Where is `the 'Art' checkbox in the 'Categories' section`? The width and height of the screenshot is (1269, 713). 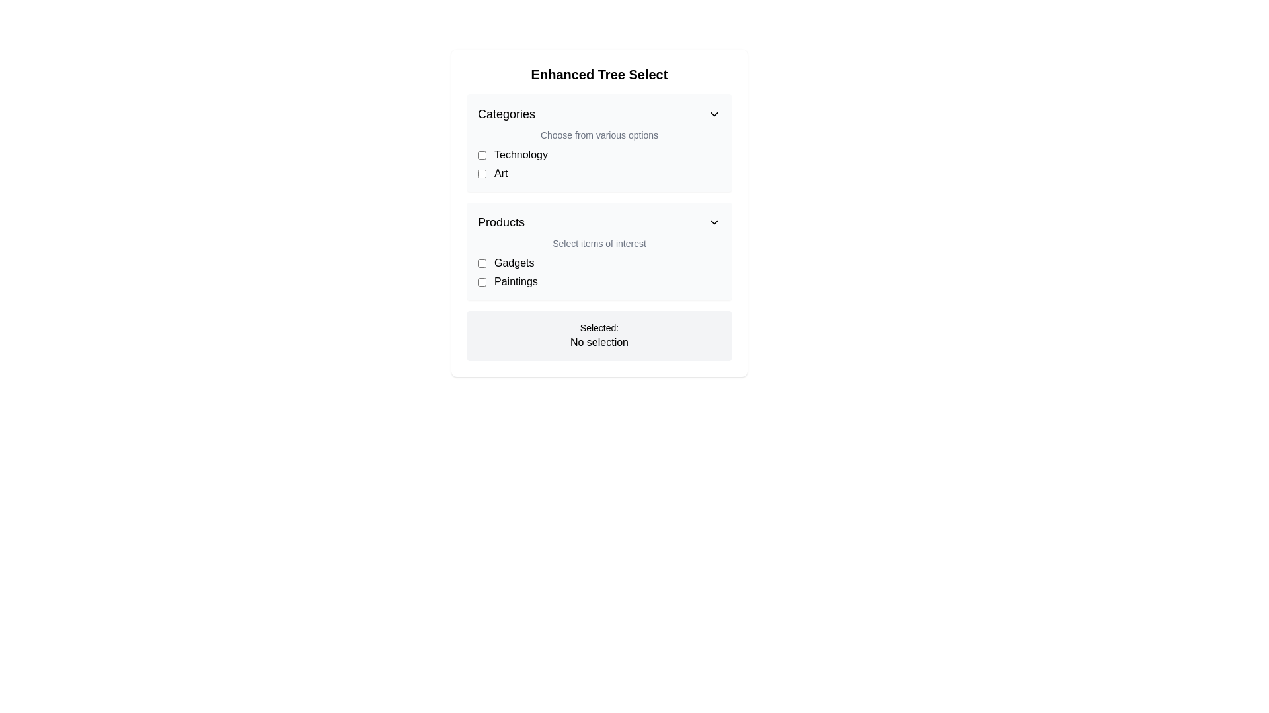 the 'Art' checkbox in the 'Categories' section is located at coordinates (599, 172).